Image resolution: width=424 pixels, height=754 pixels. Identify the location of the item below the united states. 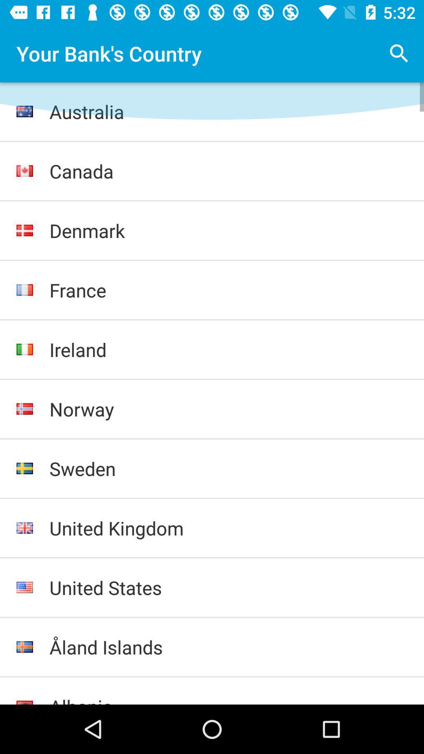
(228, 647).